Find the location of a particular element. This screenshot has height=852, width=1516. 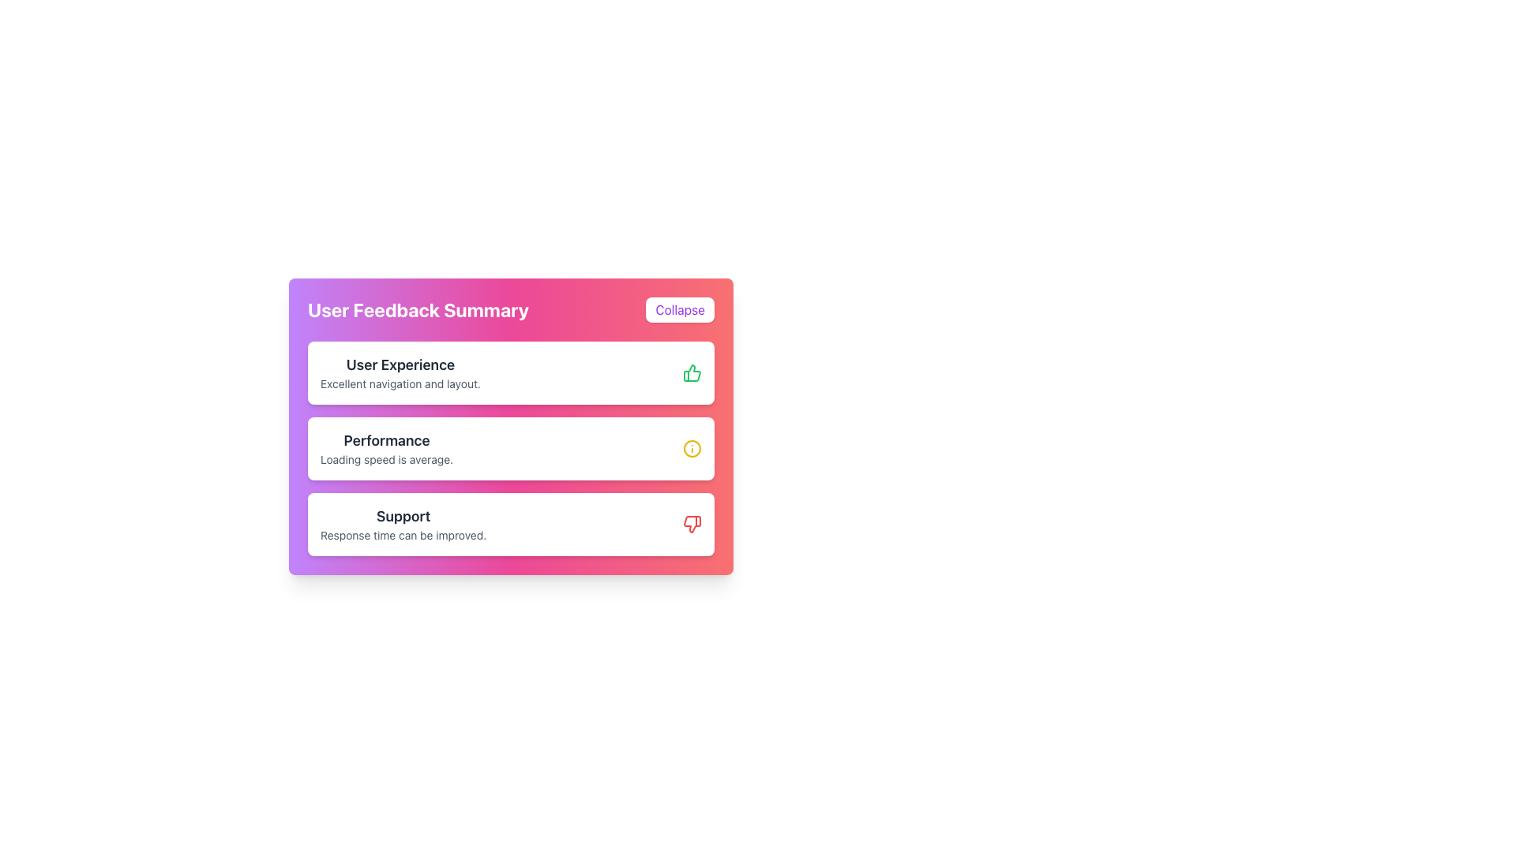

section title of the feedback section header, which includes a collapse button and is positioned at the top of the feedback card interface is located at coordinates (511, 310).